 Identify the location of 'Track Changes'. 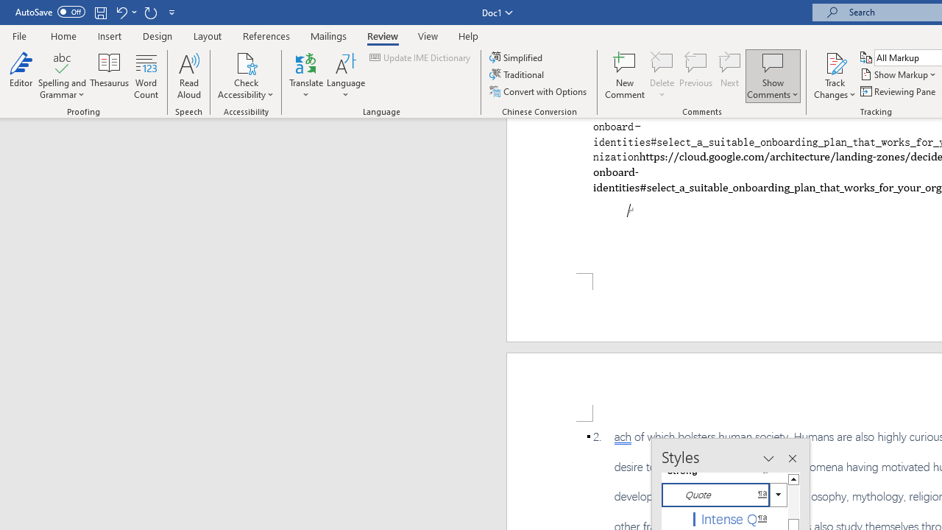
(835, 62).